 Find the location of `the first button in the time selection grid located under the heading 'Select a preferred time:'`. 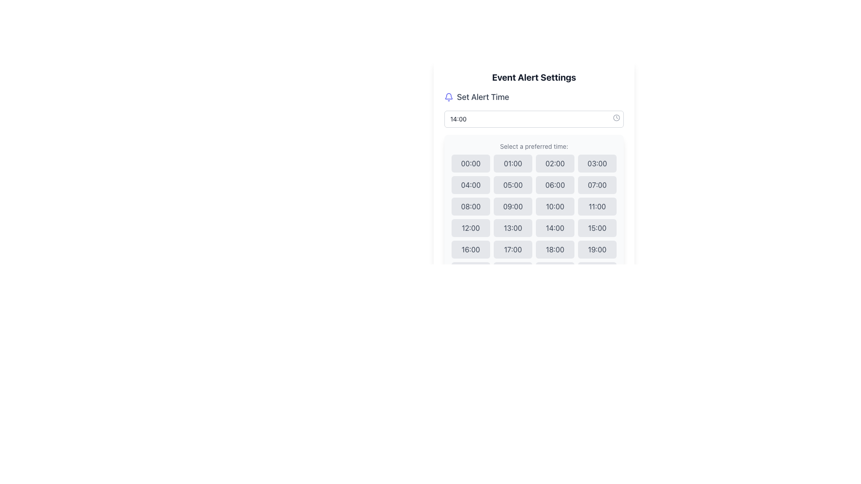

the first button in the time selection grid located under the heading 'Select a preferred time:' is located at coordinates (470, 164).